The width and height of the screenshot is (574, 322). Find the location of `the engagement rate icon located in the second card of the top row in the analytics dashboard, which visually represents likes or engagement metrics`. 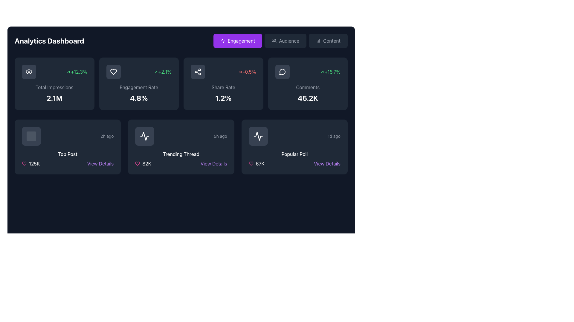

the engagement rate icon located in the second card of the top row in the analytics dashboard, which visually represents likes or engagement metrics is located at coordinates (113, 71).